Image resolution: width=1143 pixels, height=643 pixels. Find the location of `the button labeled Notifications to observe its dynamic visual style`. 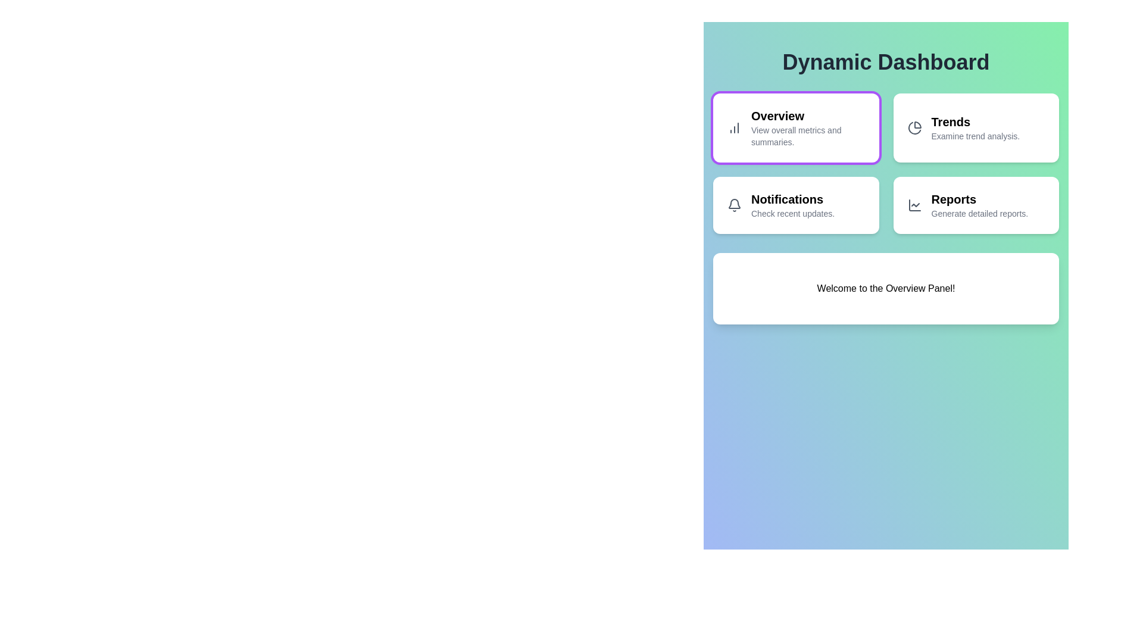

the button labeled Notifications to observe its dynamic visual style is located at coordinates (796, 204).